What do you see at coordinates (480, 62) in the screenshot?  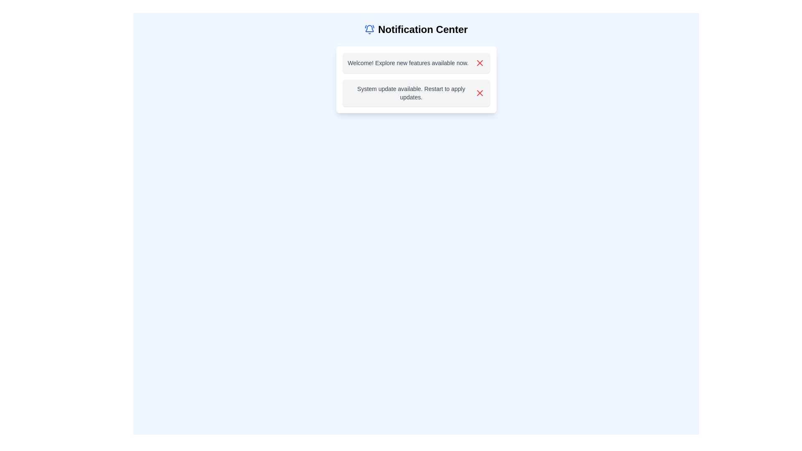 I see `the dismiss icon button located at the end of the first notification message in the notification center` at bounding box center [480, 62].